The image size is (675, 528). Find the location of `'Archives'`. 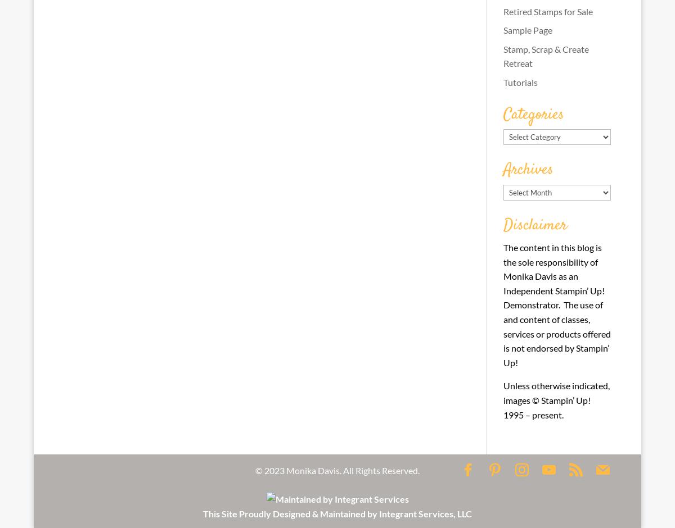

'Archives' is located at coordinates (528, 169).